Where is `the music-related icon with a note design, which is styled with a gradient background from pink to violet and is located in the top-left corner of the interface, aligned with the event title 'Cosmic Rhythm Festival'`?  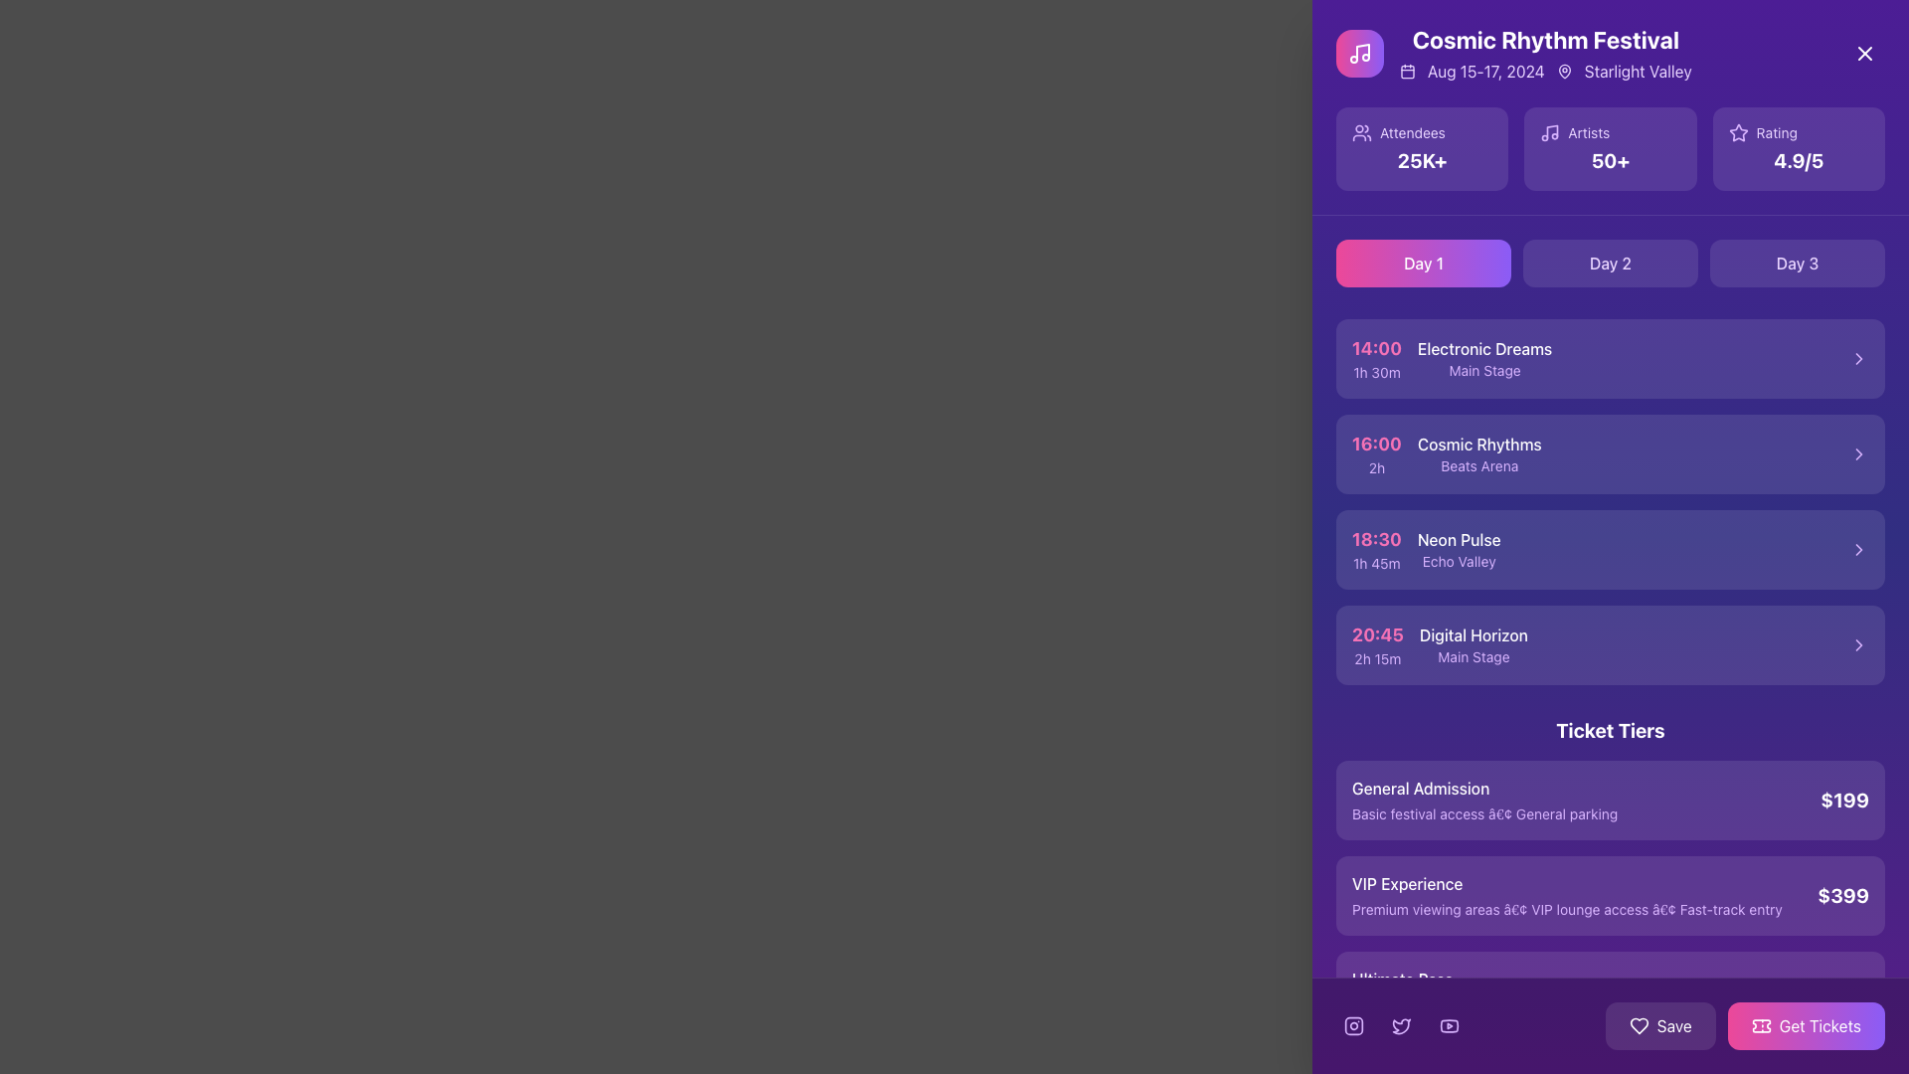
the music-related icon with a note design, which is styled with a gradient background from pink to violet and is located in the top-left corner of the interface, aligned with the event title 'Cosmic Rhythm Festival' is located at coordinates (1359, 53).